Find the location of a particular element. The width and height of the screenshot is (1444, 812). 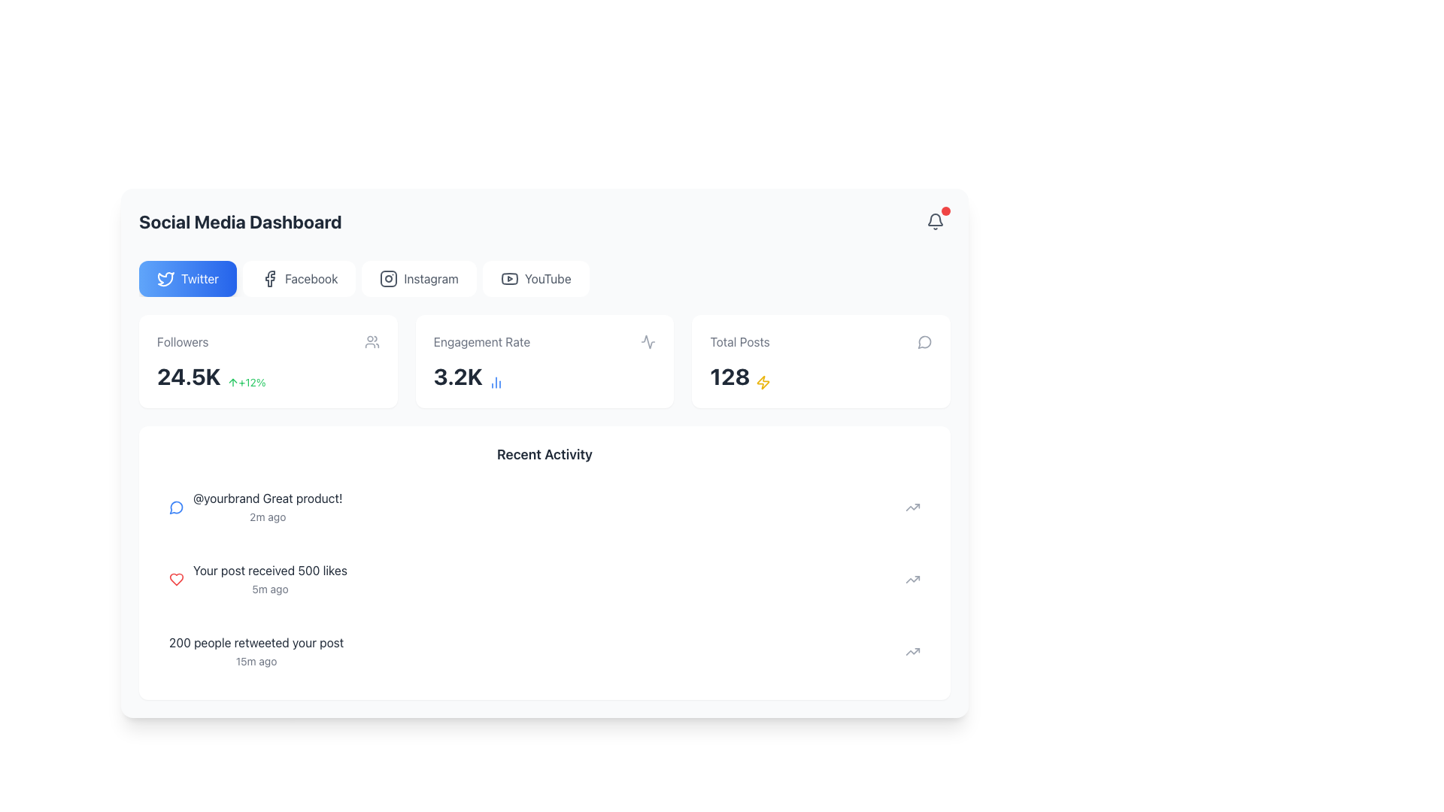

the icon located to the right of the 'Total Posts' label, which serves as a visual decoration for messages or comments is located at coordinates (924, 342).